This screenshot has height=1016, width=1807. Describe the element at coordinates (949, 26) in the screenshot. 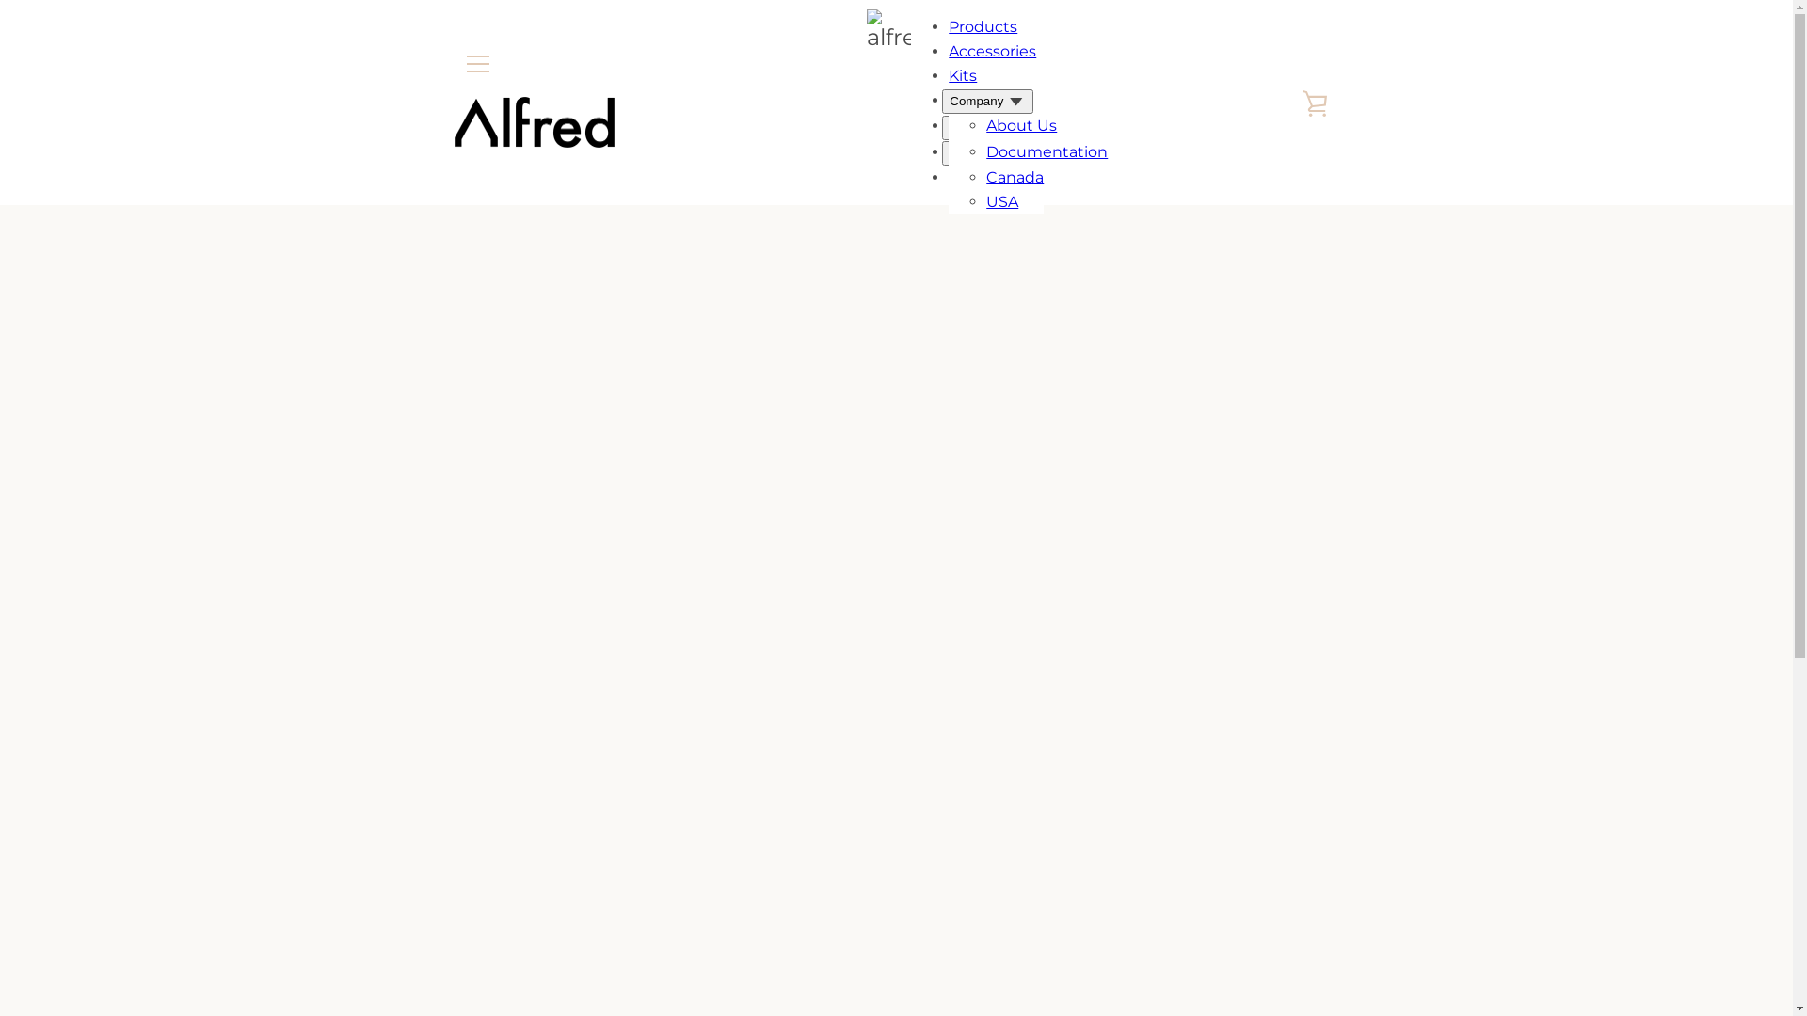

I see `'Products'` at that location.